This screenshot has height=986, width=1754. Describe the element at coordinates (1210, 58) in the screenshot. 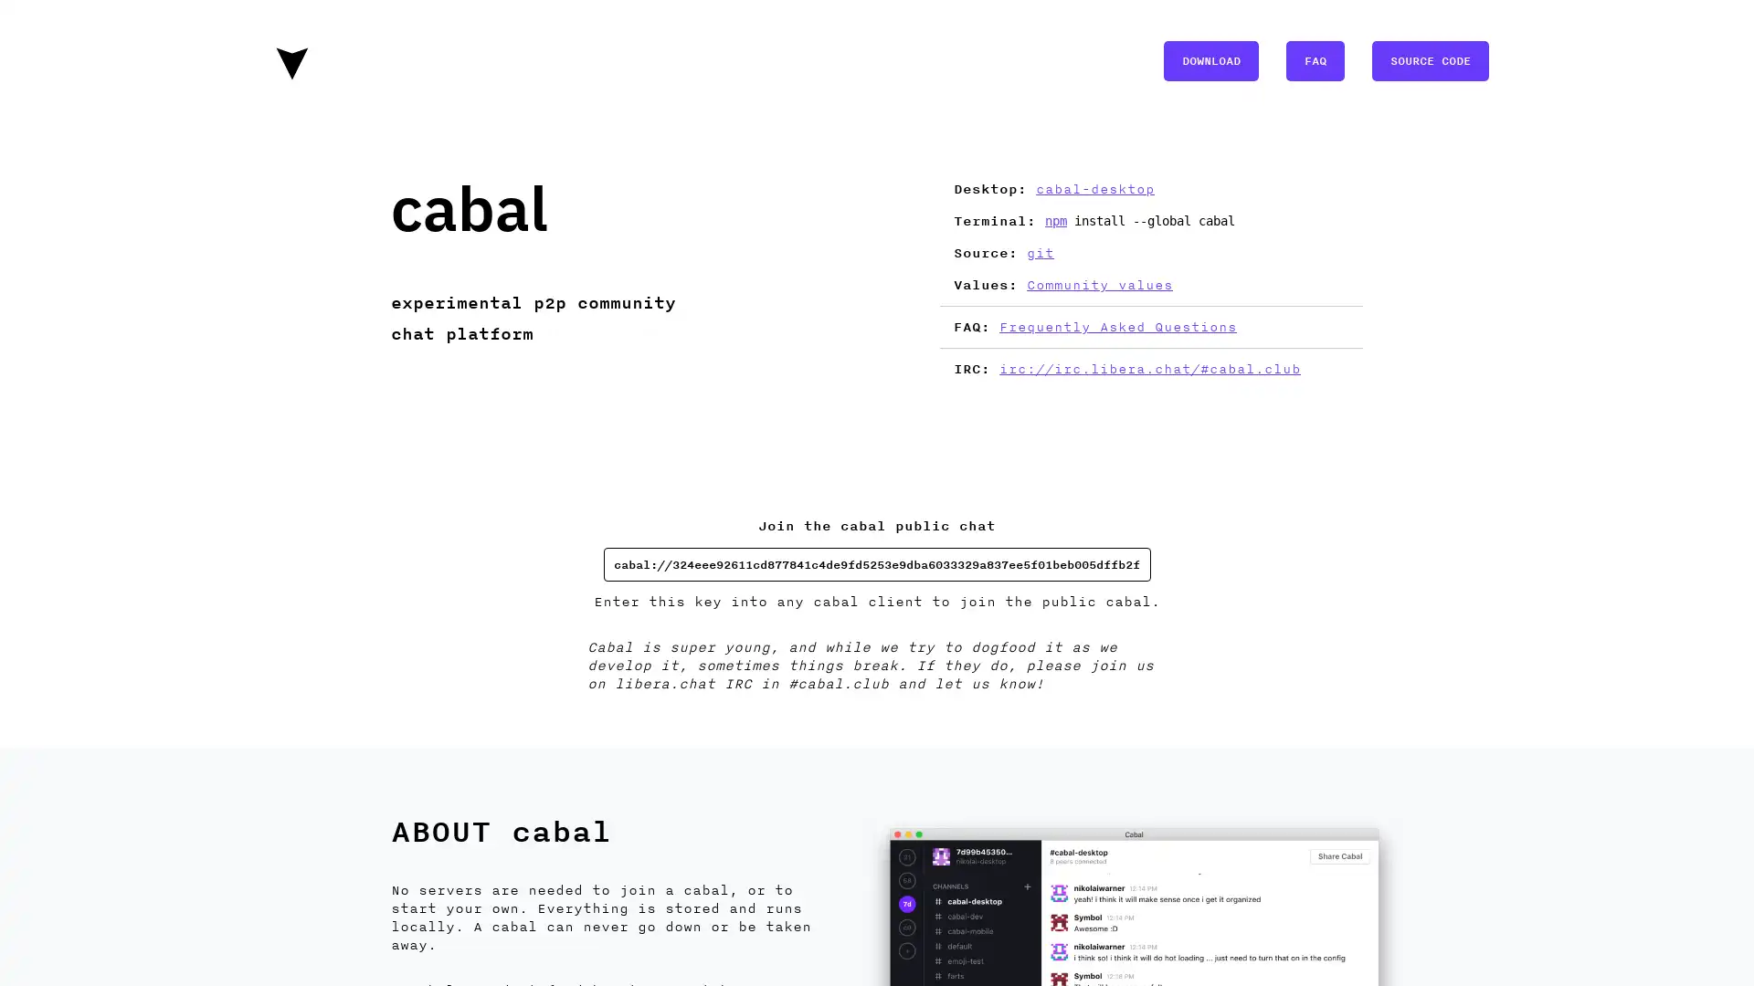

I see `DOWNLOAD` at that location.